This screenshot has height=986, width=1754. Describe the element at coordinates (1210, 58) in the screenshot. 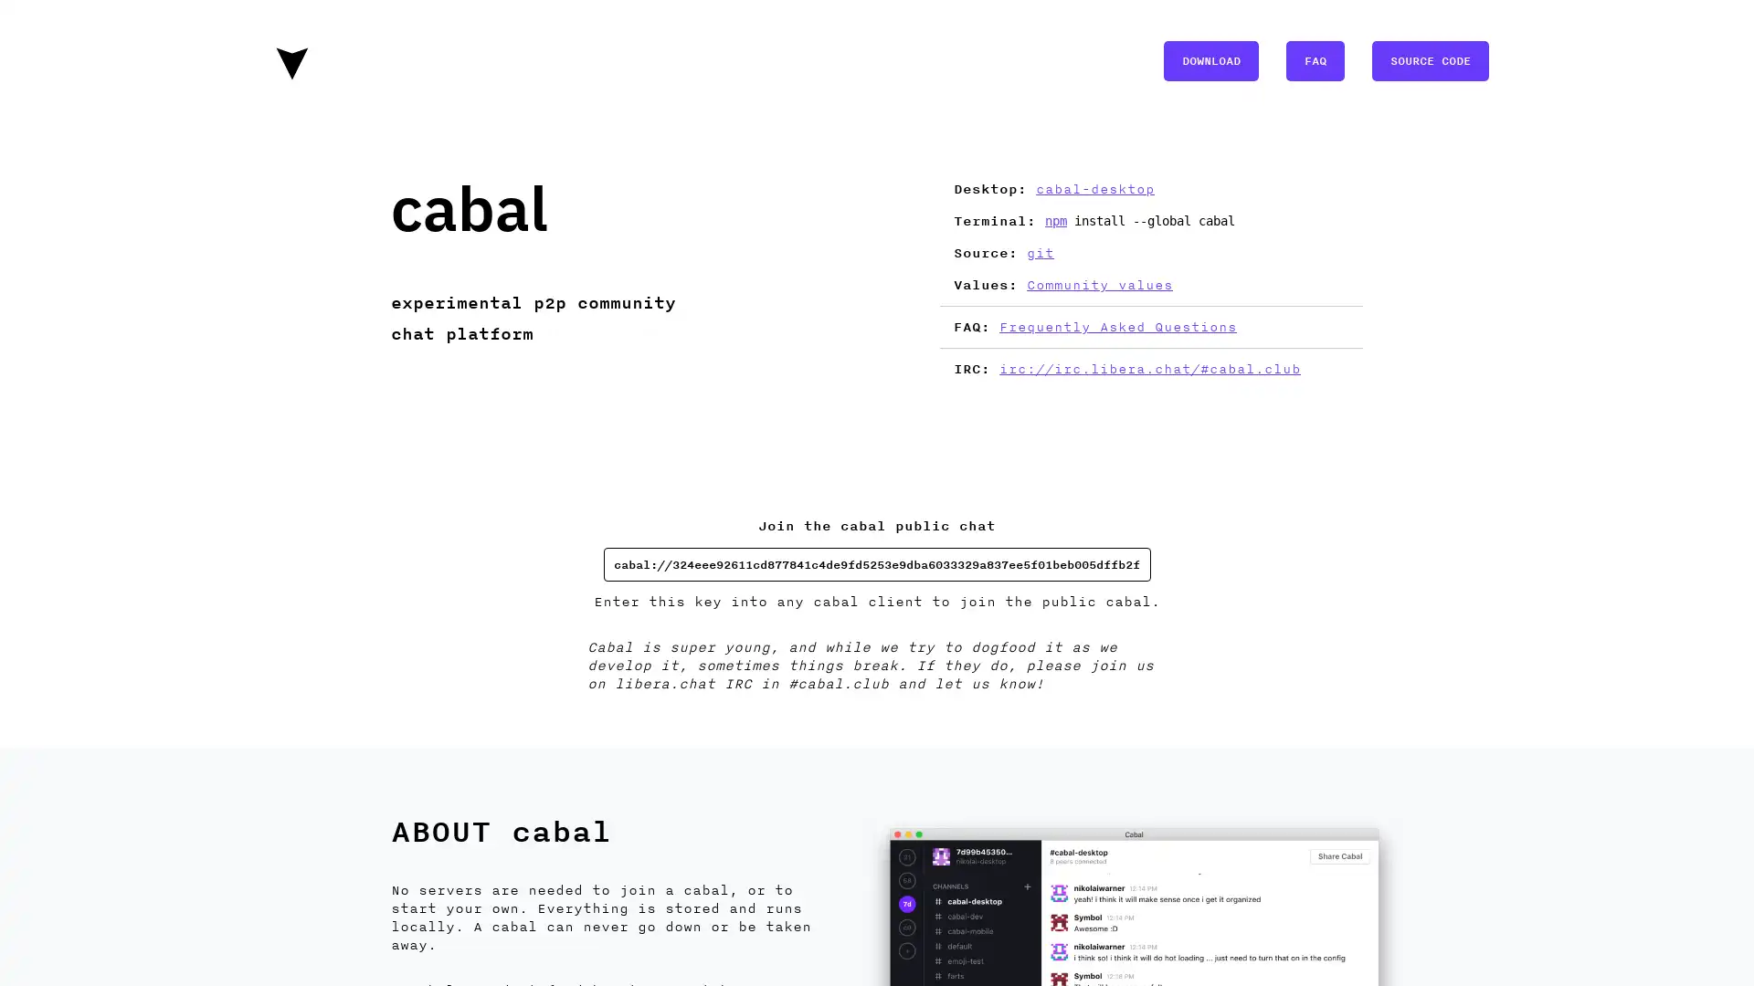

I see `DOWNLOAD` at that location.